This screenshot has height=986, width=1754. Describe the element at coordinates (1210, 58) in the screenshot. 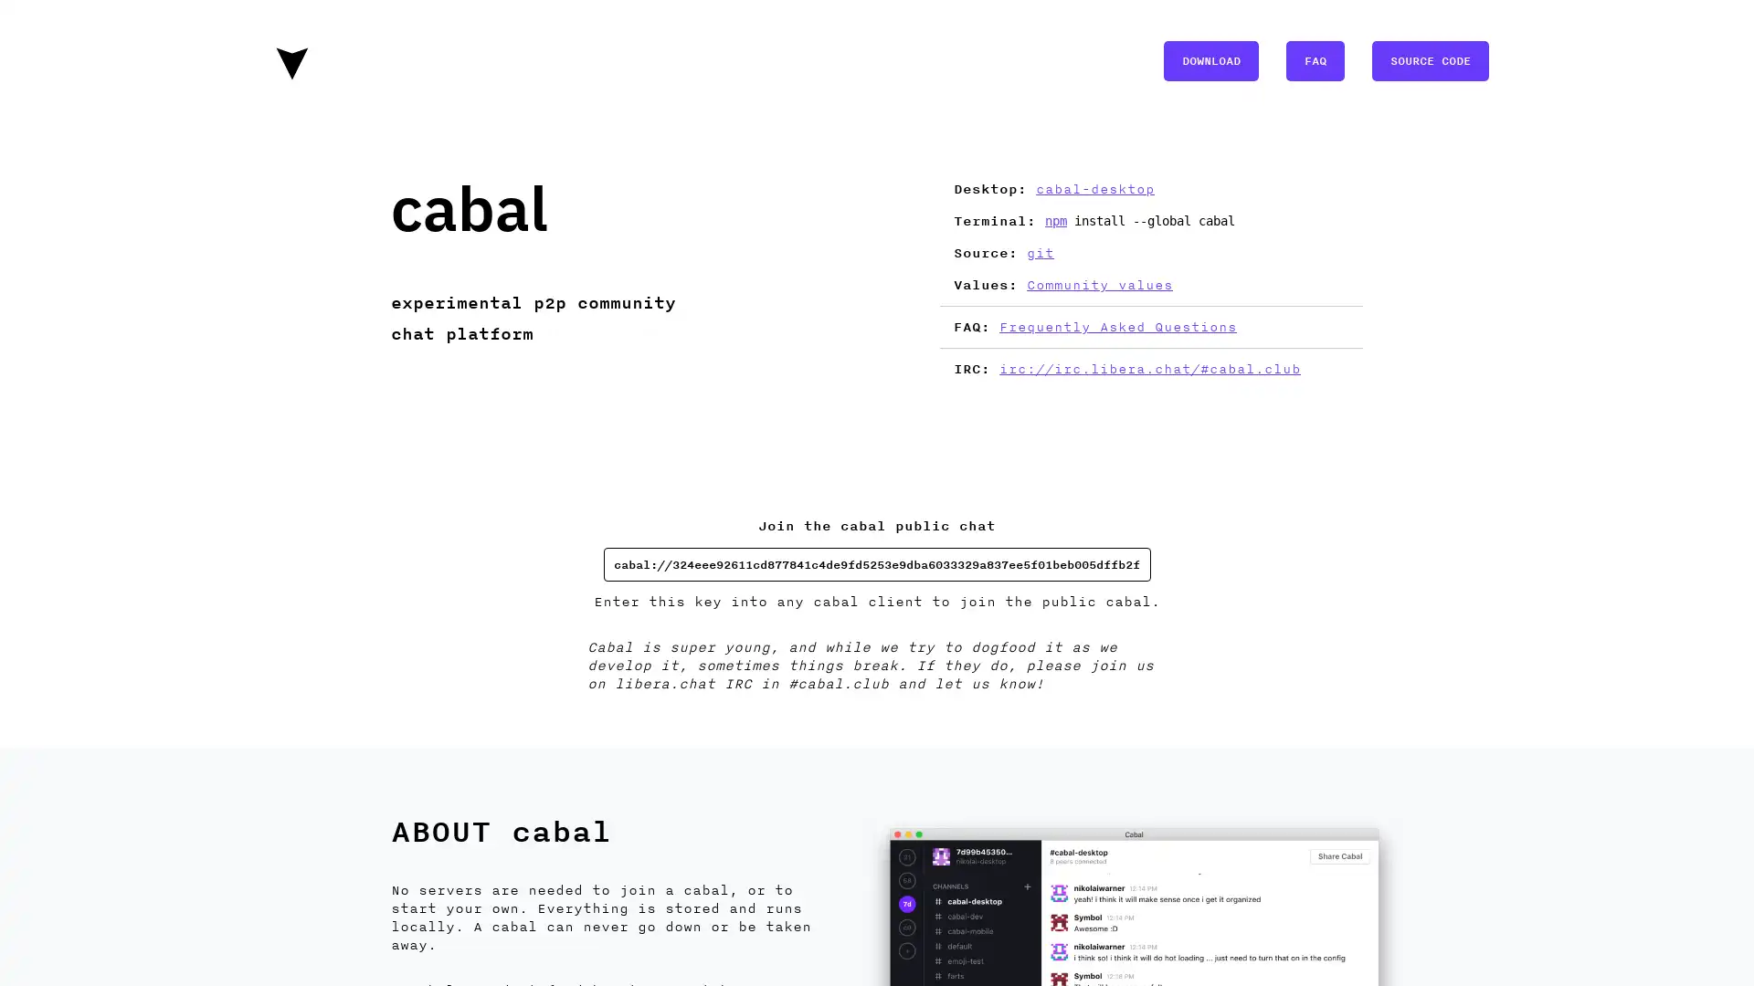

I see `DOWNLOAD` at that location.